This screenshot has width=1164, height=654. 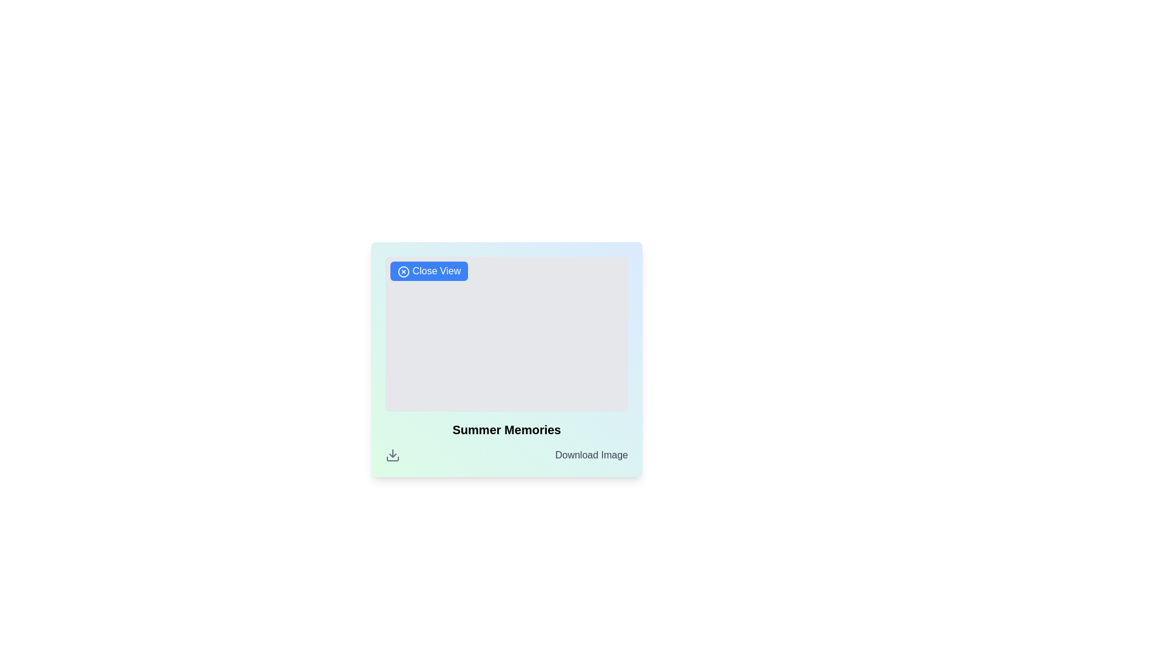 I want to click on the icon segment that represents the base of the download icon located at the lower left corner of the 'Summer Memories' card, so click(x=393, y=459).